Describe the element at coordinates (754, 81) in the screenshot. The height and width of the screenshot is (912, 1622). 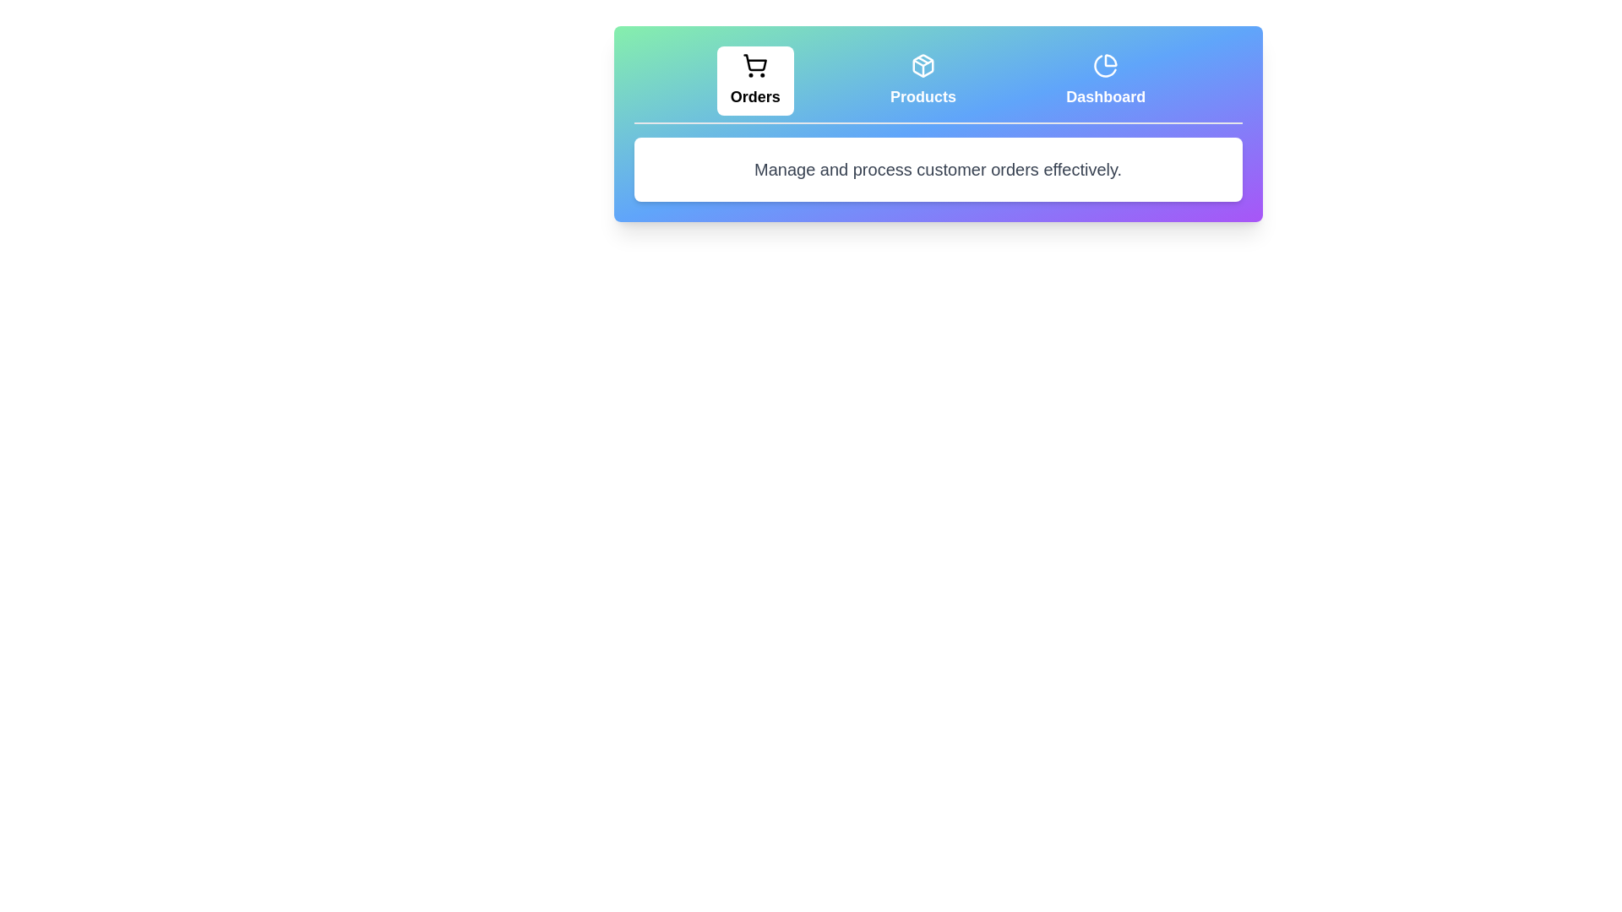
I see `the tab labeled Orders to observe its hover effect` at that location.